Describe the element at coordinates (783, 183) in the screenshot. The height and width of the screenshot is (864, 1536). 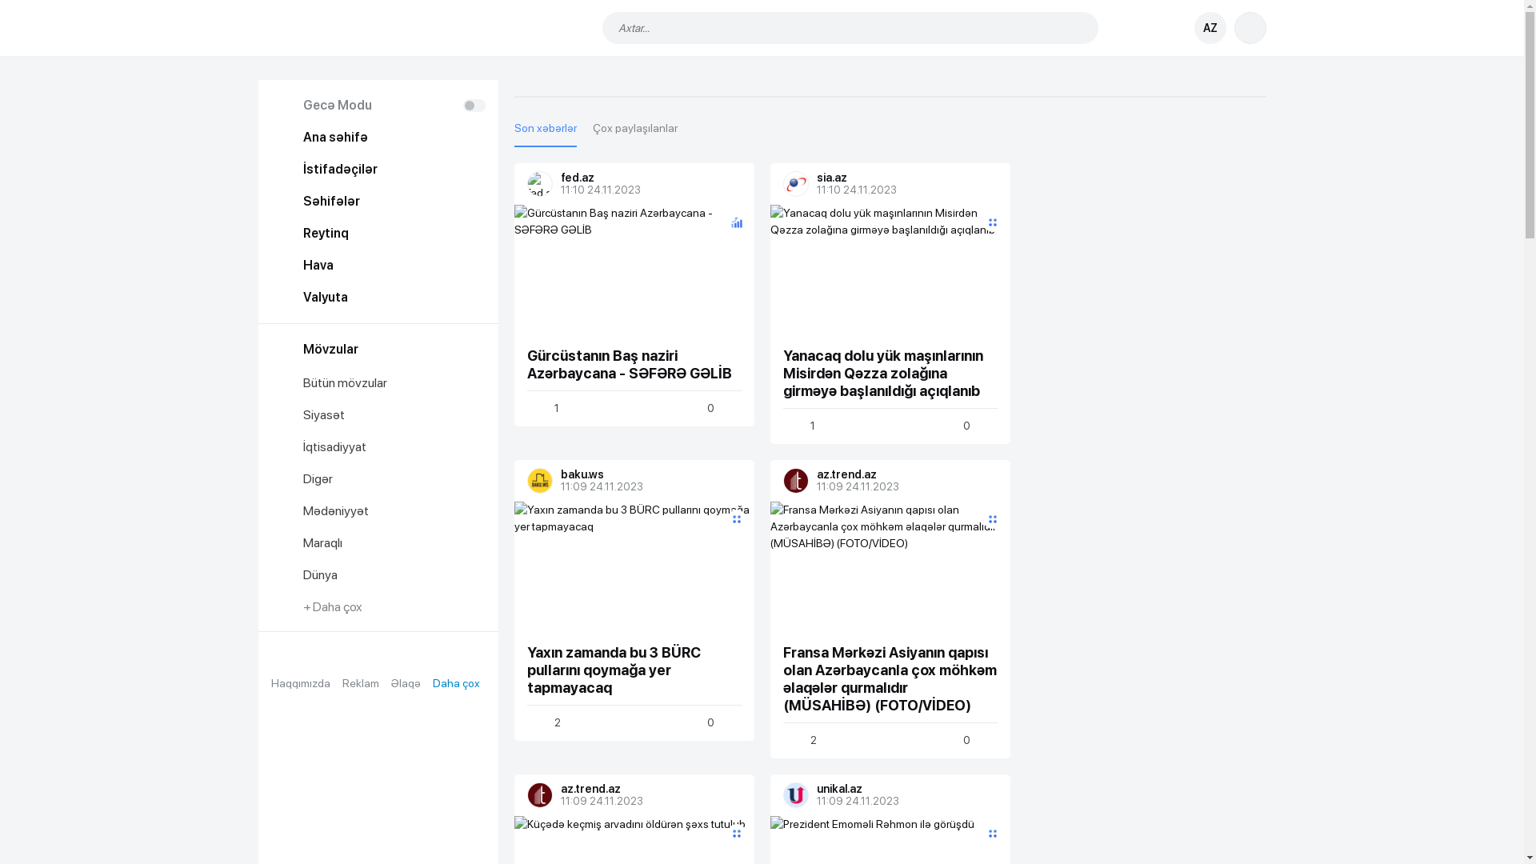
I see `'sia.az'` at that location.